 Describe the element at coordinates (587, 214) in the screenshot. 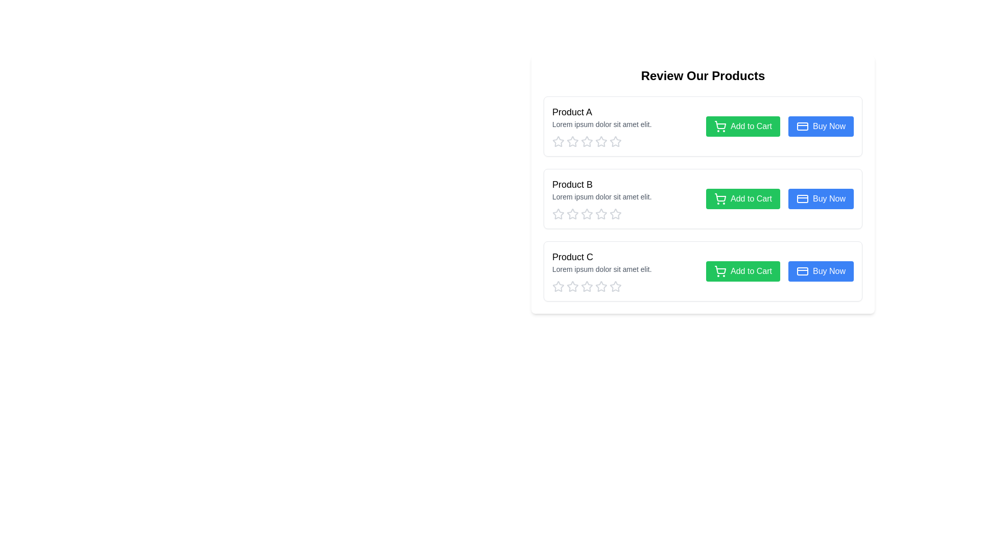

I see `the fourth star icon in the horizontal rating bar of the second product card to rate the product with a score of 4` at that location.